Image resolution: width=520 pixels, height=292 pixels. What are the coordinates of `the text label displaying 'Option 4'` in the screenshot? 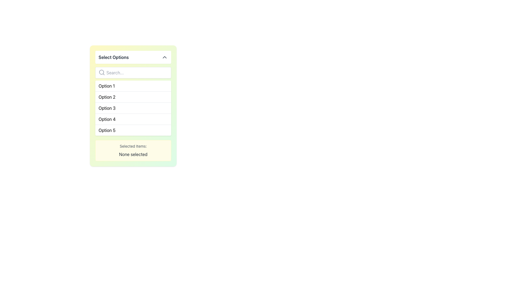 It's located at (107, 119).